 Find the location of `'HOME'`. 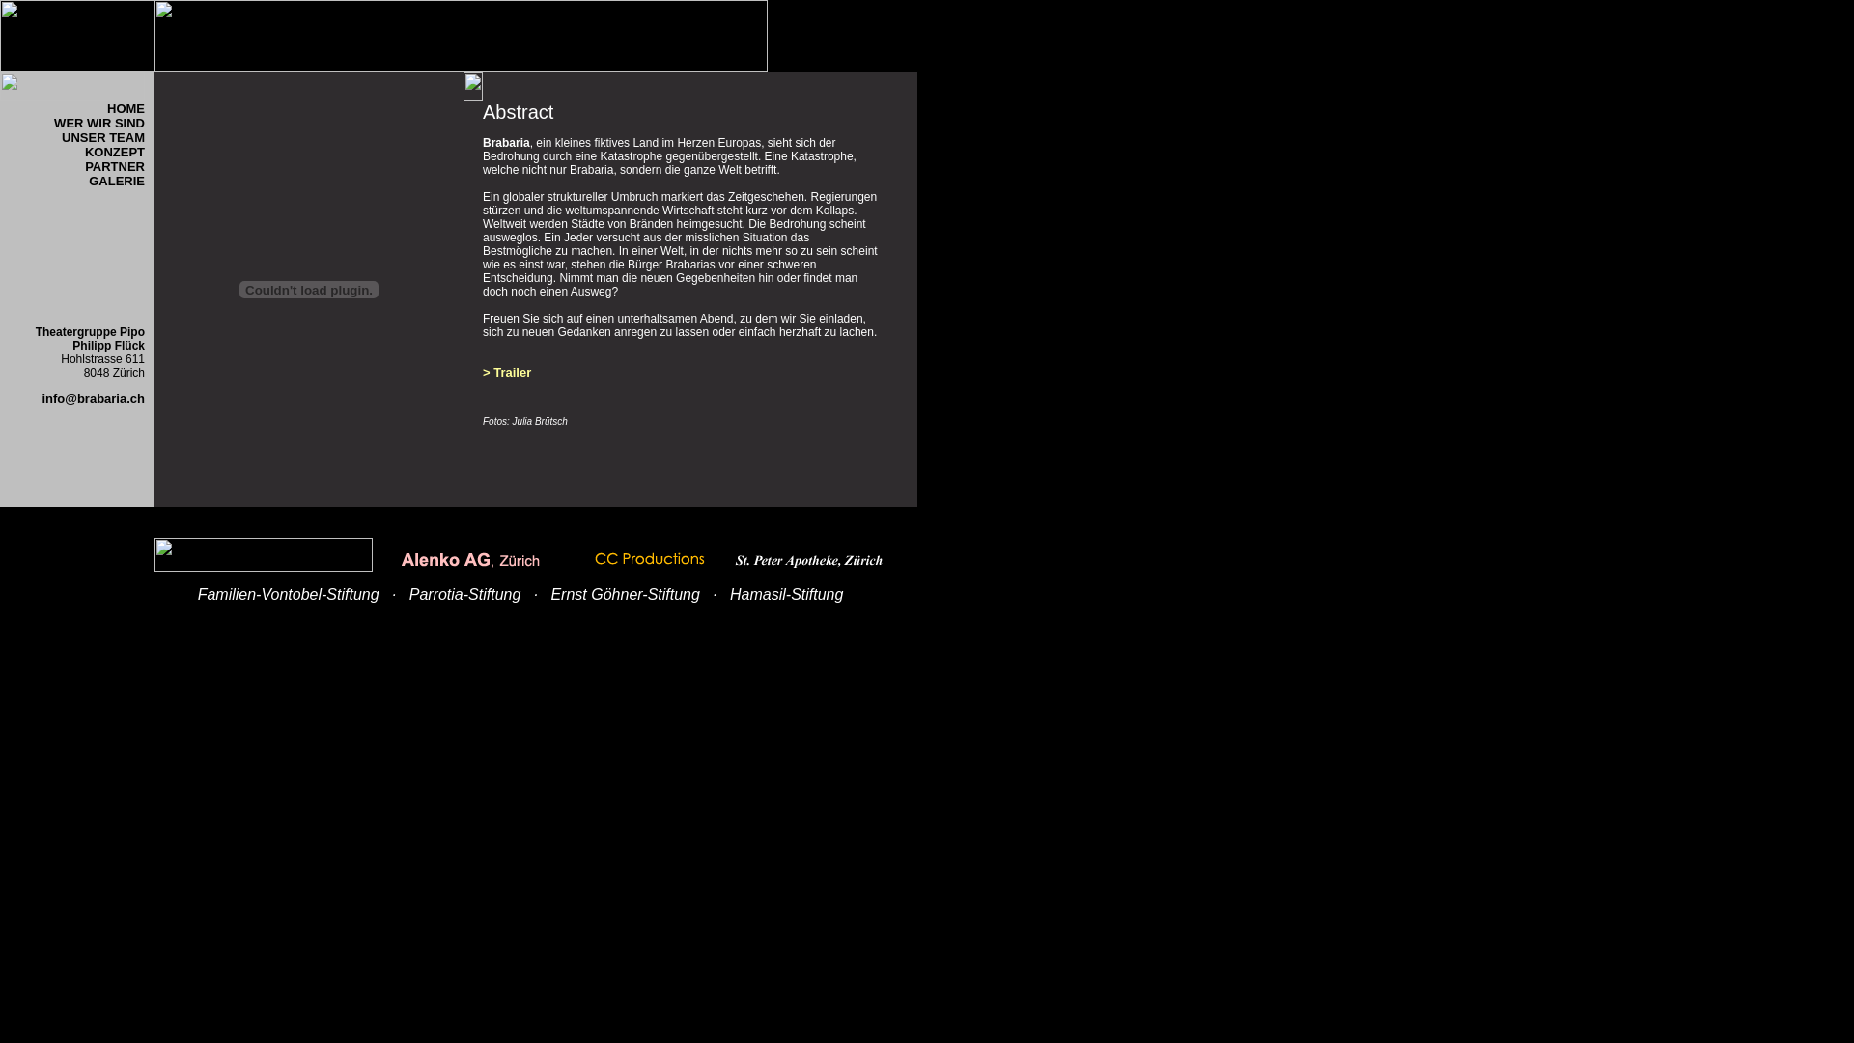

'HOME' is located at coordinates (125, 108).